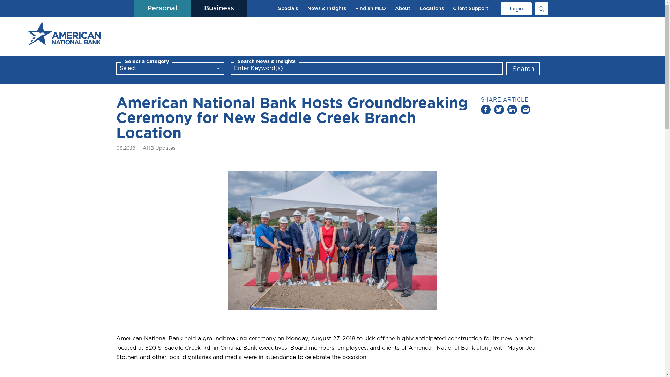 The image size is (670, 377). I want to click on 'Business', so click(219, 8).